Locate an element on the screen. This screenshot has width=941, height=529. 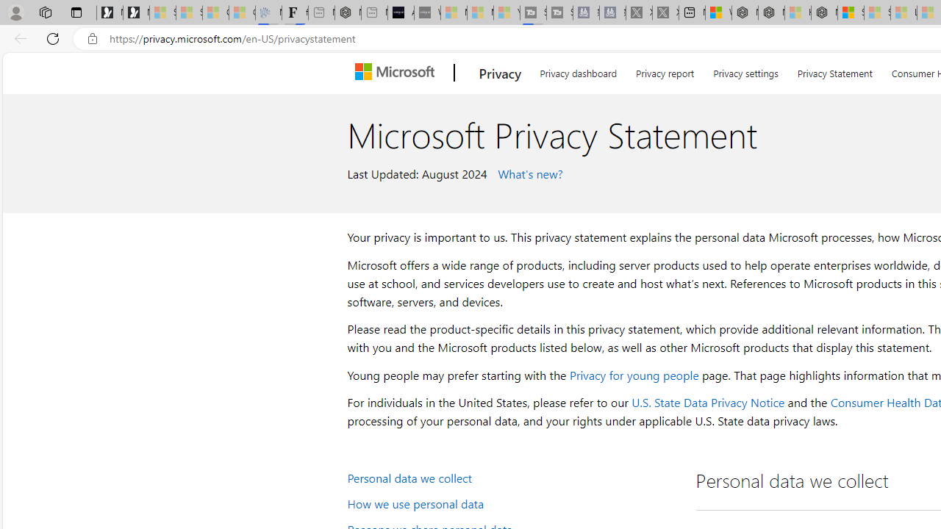
'Microsoft Start Sports - Sleeping' is located at coordinates (453, 12).